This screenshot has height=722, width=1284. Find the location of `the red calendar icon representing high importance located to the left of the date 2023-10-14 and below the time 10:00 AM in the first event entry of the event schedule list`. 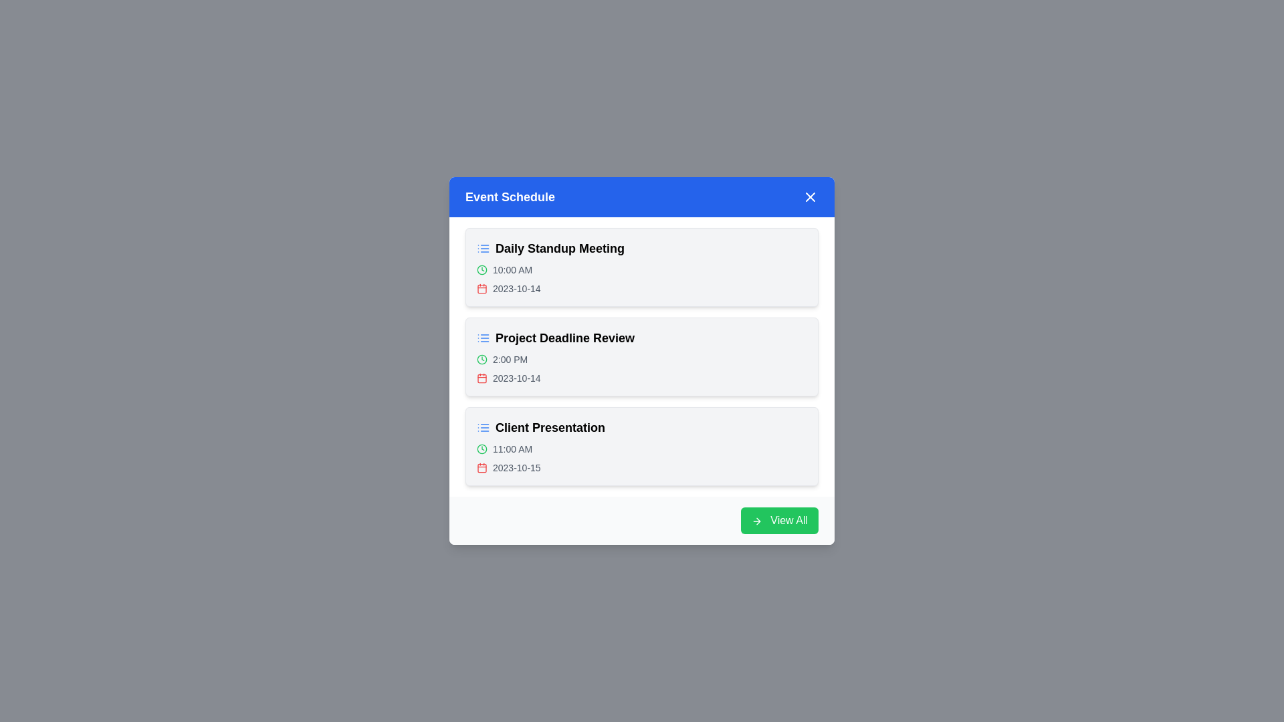

the red calendar icon representing high importance located to the left of the date 2023-10-14 and below the time 10:00 AM in the first event entry of the event schedule list is located at coordinates (481, 288).